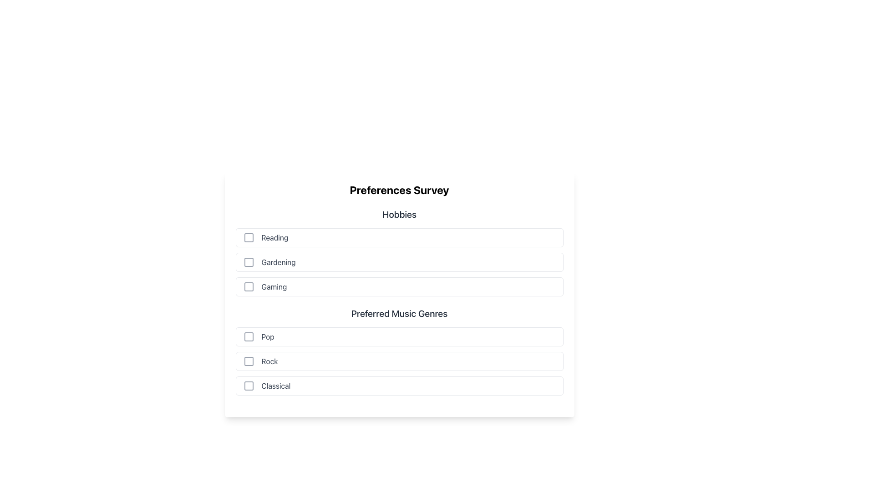 This screenshot has height=491, width=874. I want to click on to select the checkbox located in the 'Preferred Music Genres' section, directly below the 'Pop' checkbox and above the 'Classical' checkbox, which is styled with a thin gray outline, so click(249, 361).